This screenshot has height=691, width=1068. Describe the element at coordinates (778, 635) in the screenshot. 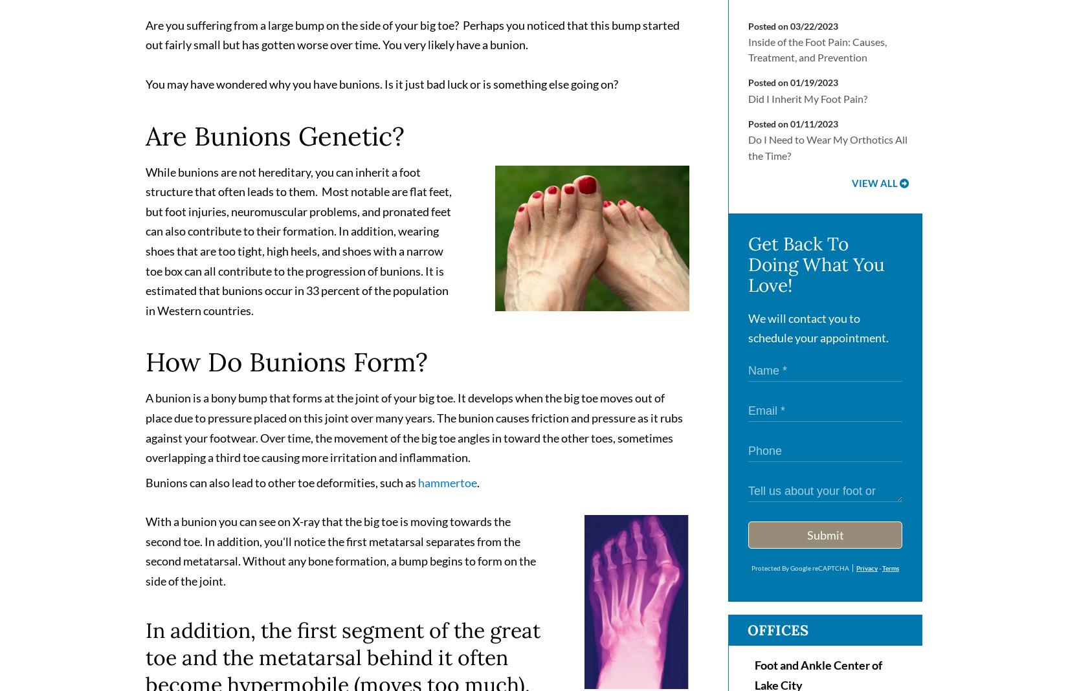

I see `'Offices'` at that location.